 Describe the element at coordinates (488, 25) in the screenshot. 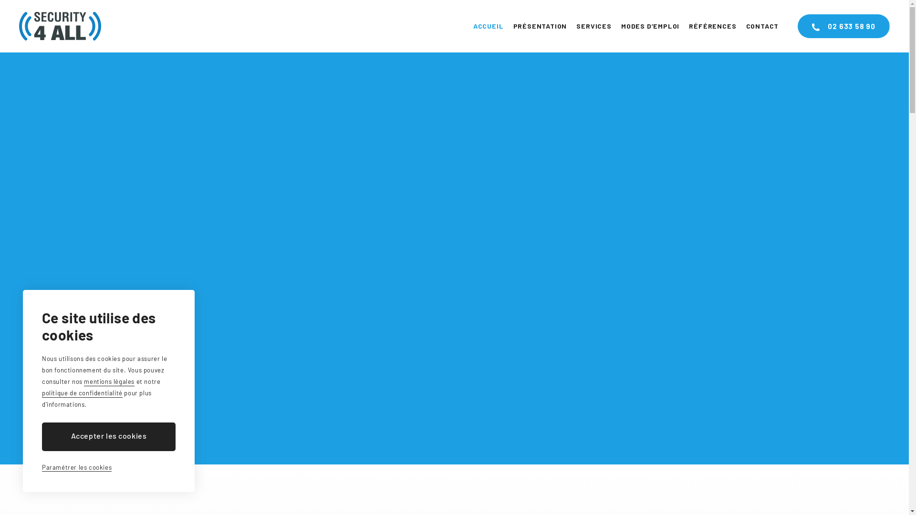

I see `'ACCUEIL'` at that location.